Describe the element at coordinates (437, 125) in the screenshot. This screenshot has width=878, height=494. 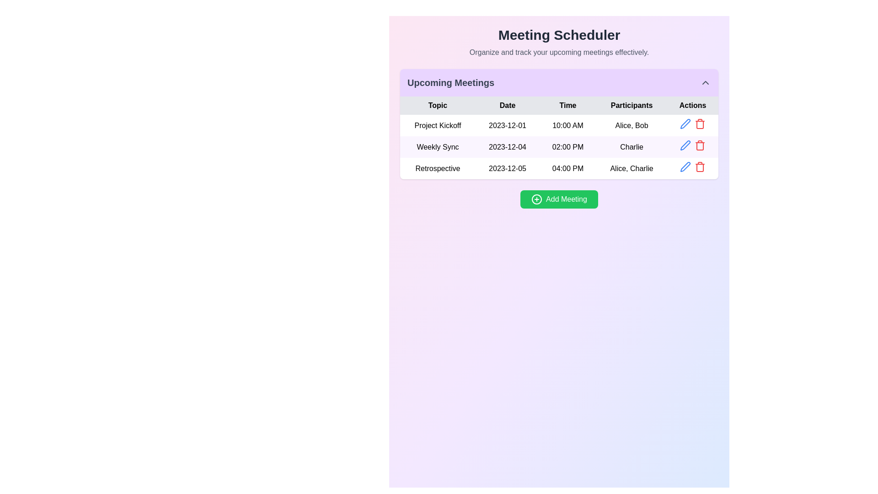
I see `the static text element displaying 'Project Kickoff' in bold black font located in the 'Topic' column of the 'Upcoming Meetings' tabular layout` at that location.